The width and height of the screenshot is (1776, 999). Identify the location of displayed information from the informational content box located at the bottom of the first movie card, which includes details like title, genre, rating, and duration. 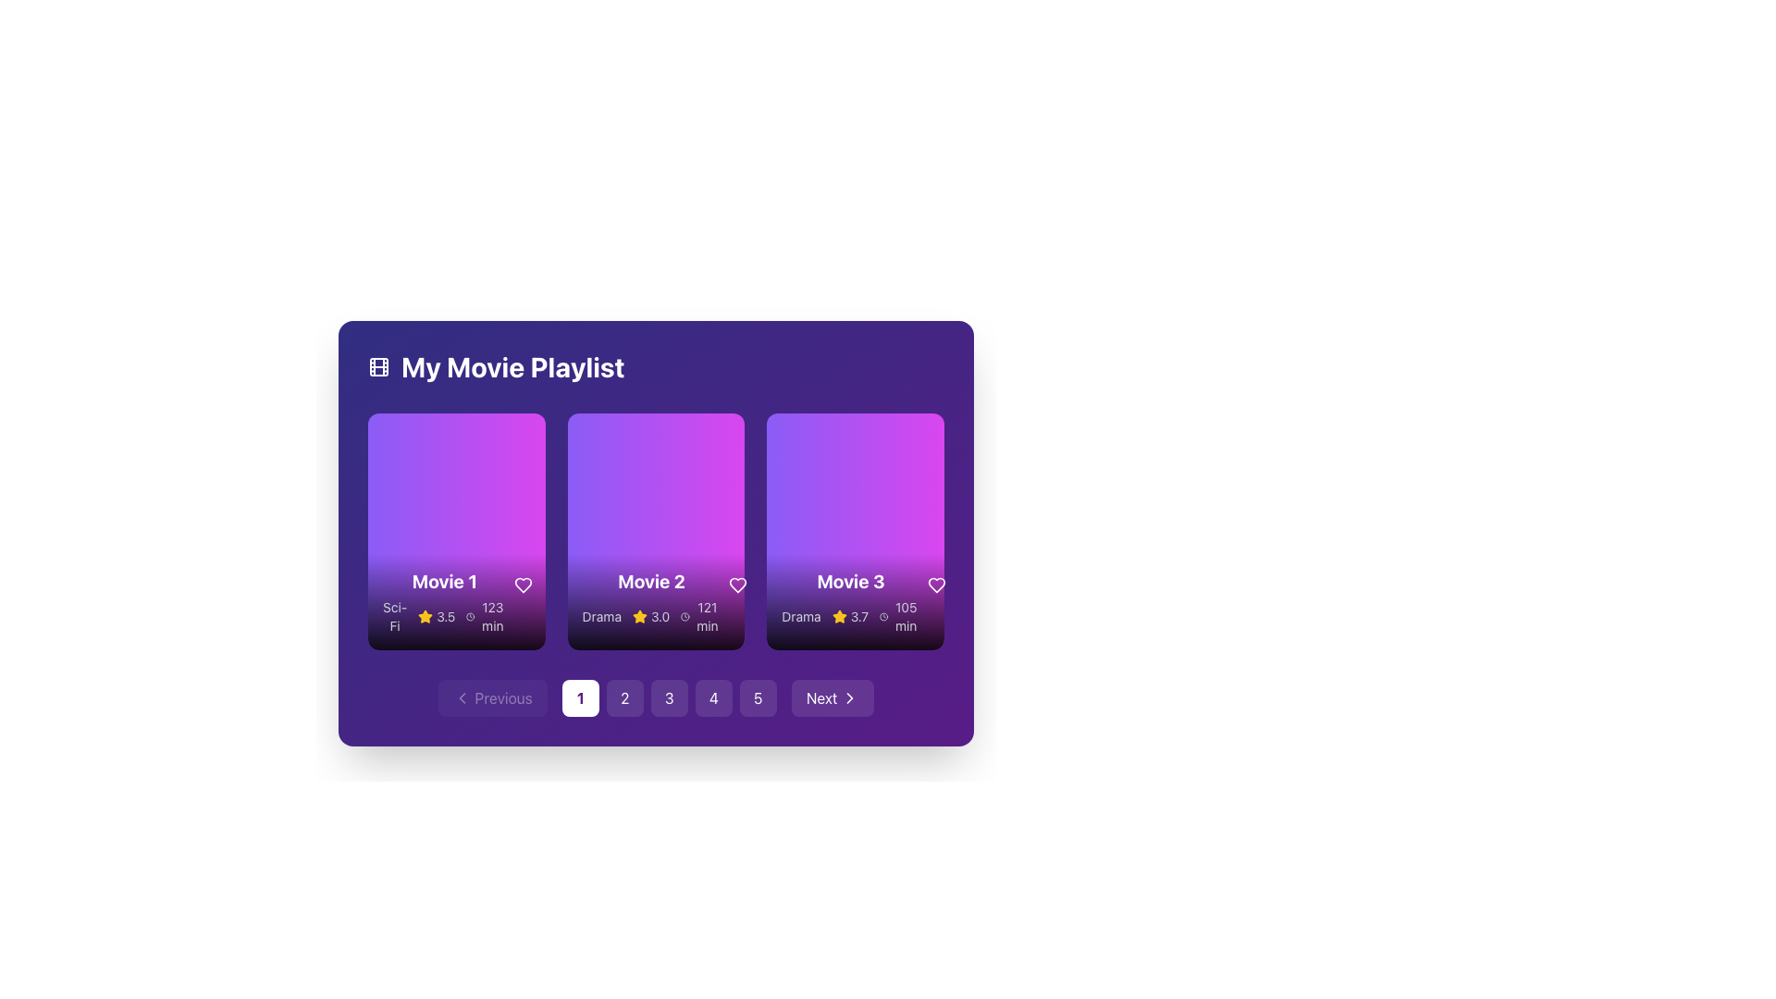
(456, 602).